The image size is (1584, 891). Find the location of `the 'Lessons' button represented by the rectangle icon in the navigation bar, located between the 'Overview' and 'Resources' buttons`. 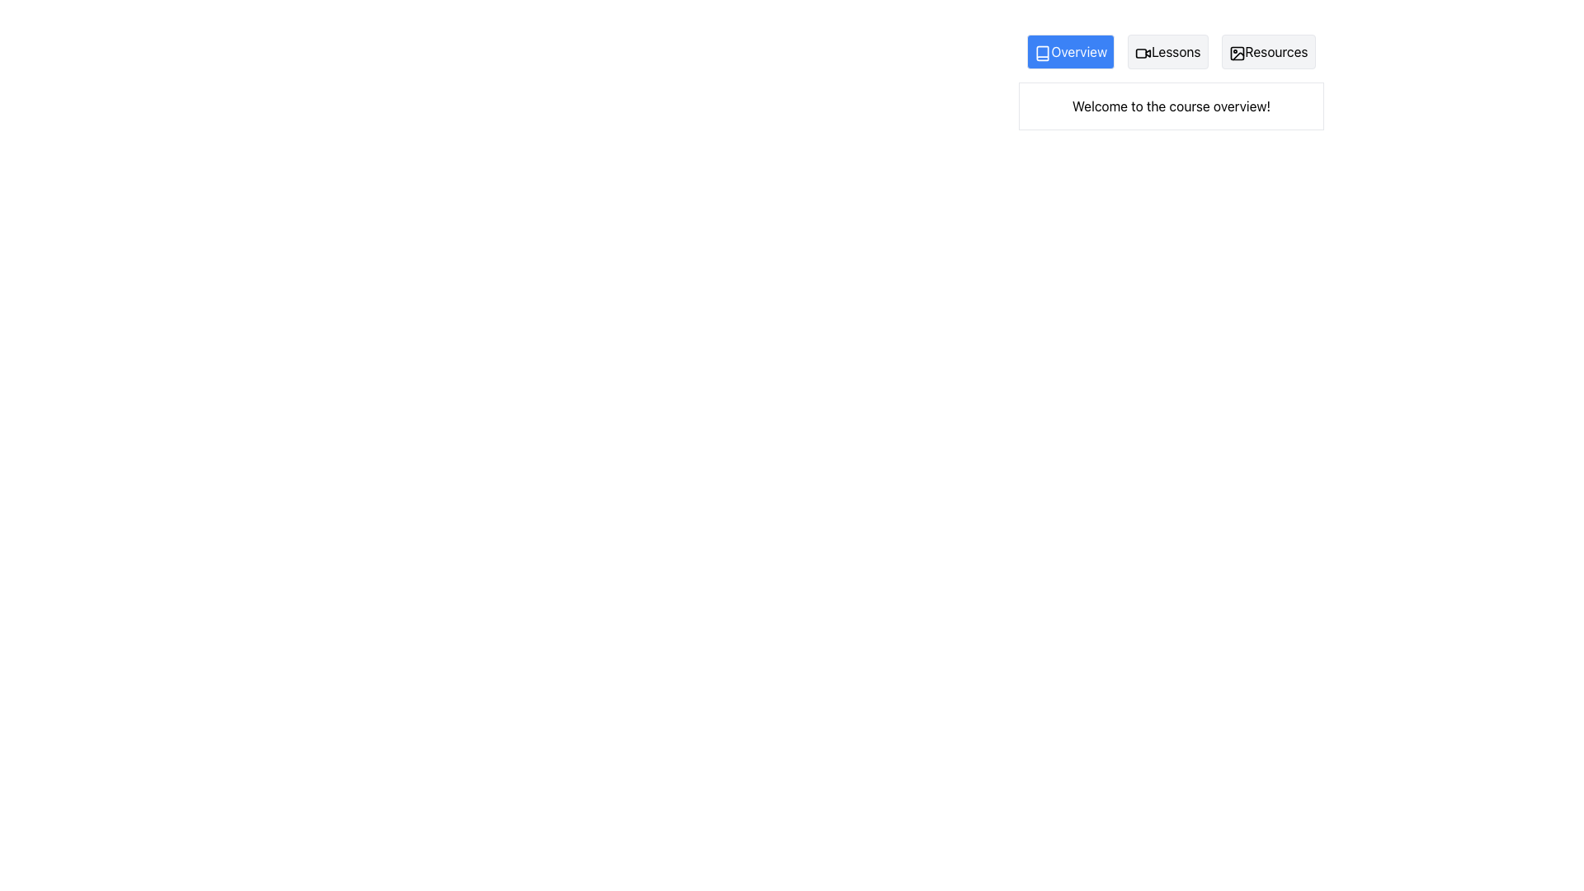

the 'Lessons' button represented by the rectangle icon in the navigation bar, located between the 'Overview' and 'Resources' buttons is located at coordinates (1140, 52).